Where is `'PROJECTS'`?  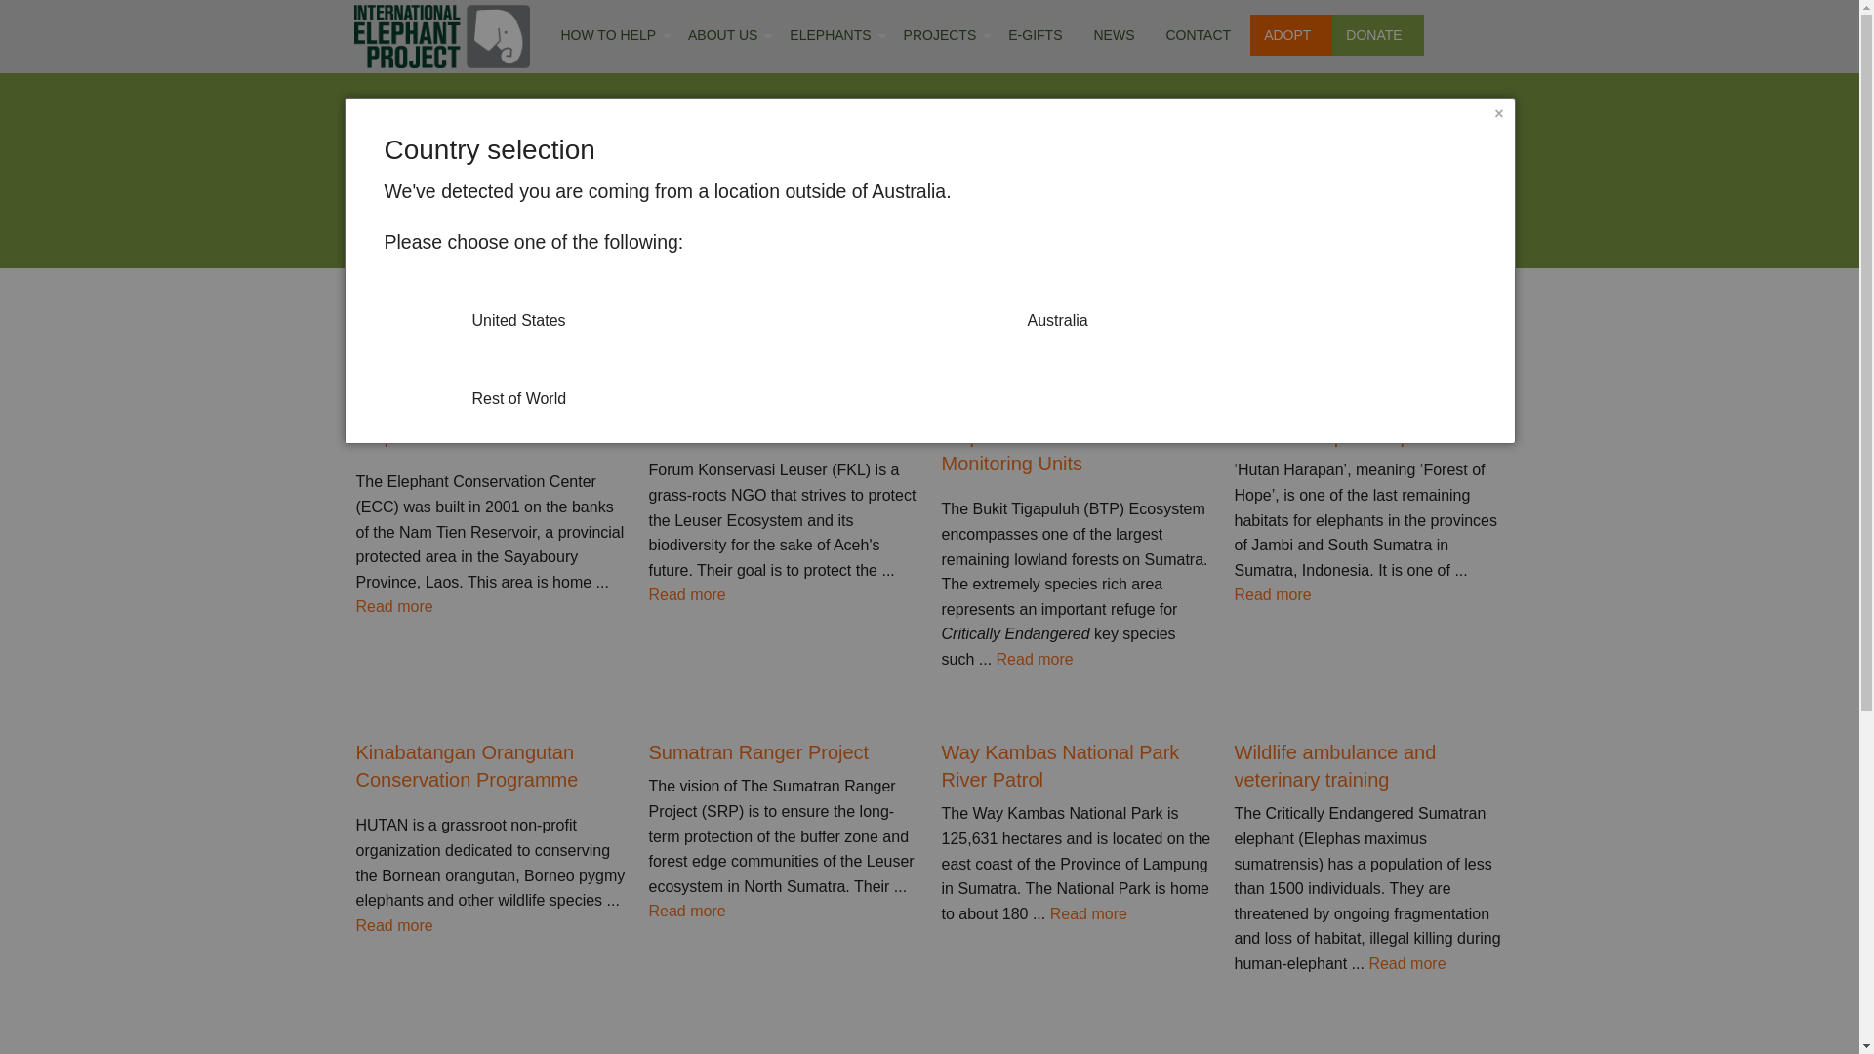 'PROJECTS' is located at coordinates (945, 34).